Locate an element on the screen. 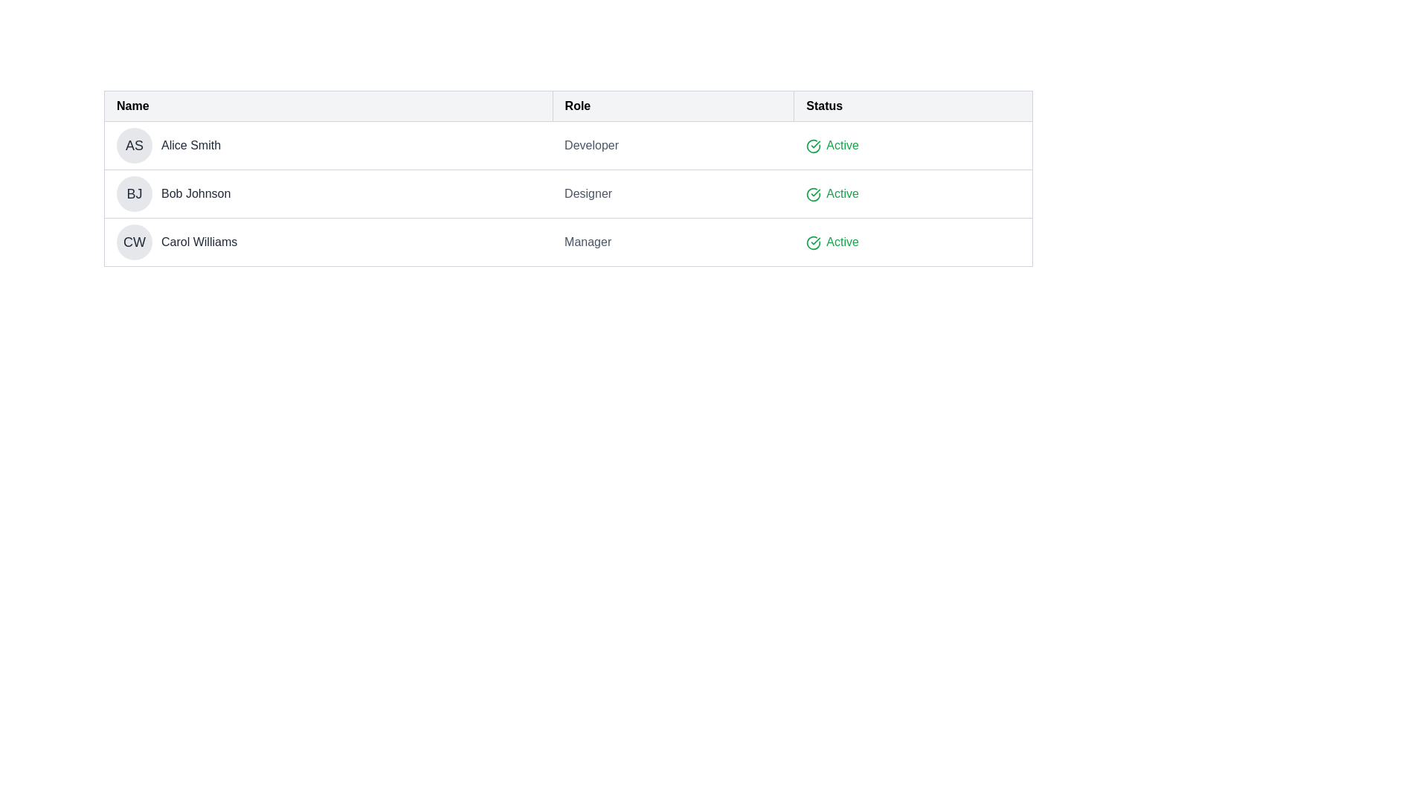  the label/text displaying the name 'Bob Johnson', which is positioned to the right of the circular icon 'BJ' in the second entry of the user/employee list is located at coordinates (195, 193).